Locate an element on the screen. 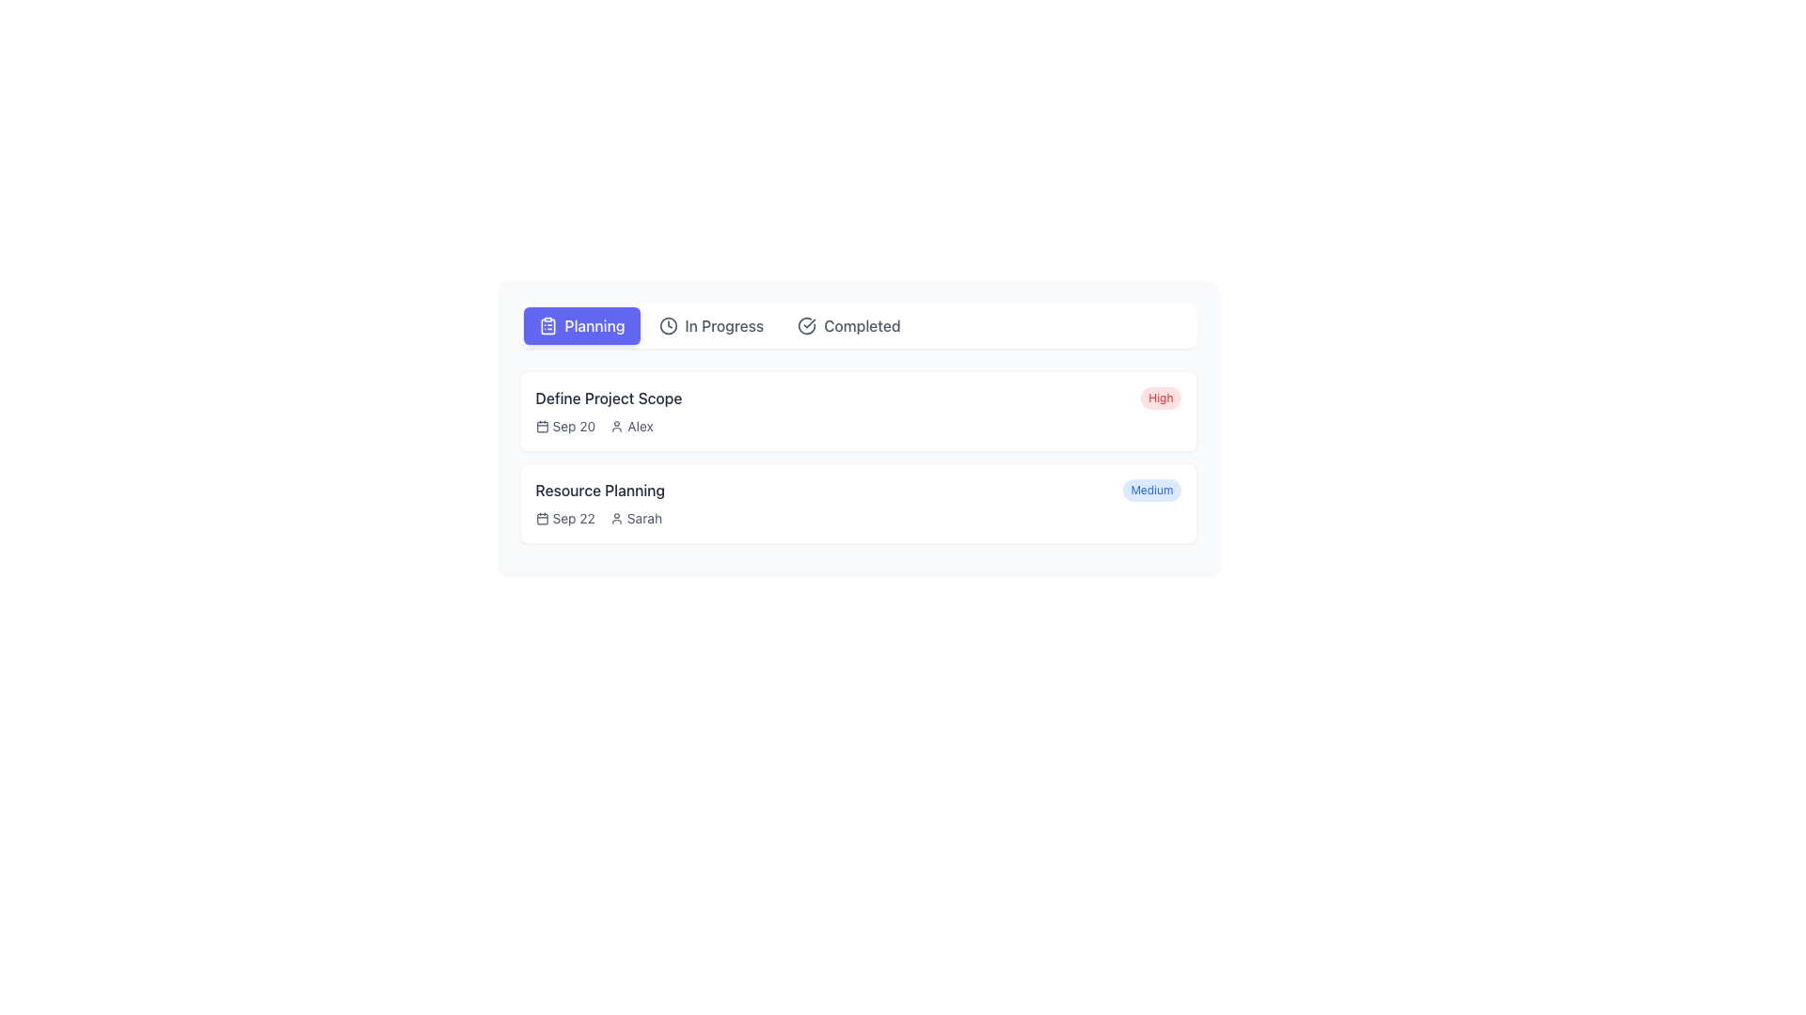  the status indicated by the central Text label in the navigation bar, which provides information about the current stage of a process is located at coordinates (723, 325).